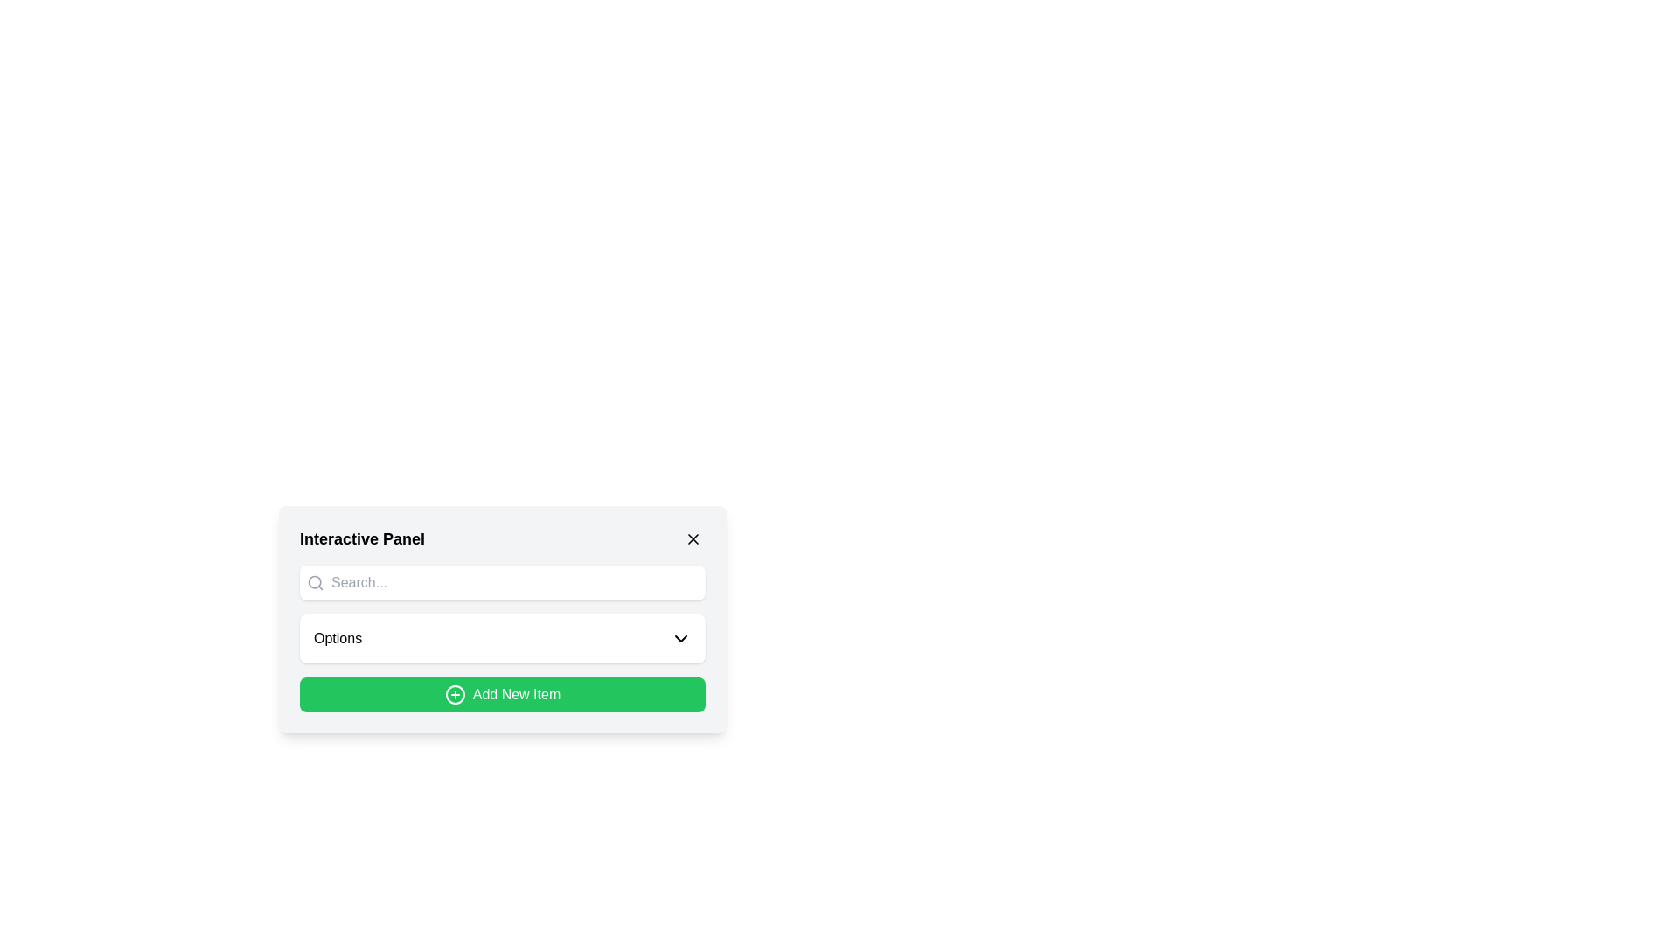 Image resolution: width=1679 pixels, height=944 pixels. What do you see at coordinates (502, 583) in the screenshot?
I see `inside the Search bar located beneath the title 'Interactive Panel' to focus on the input field` at bounding box center [502, 583].